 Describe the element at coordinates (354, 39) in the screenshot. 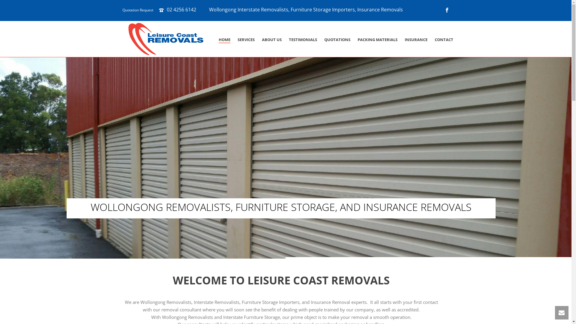

I see `'PACKING MATERIALS'` at that location.